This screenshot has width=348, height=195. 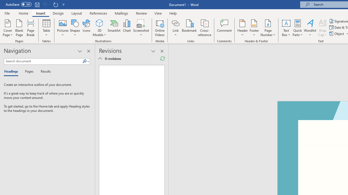 I want to click on 'Object...', so click(x=337, y=34).